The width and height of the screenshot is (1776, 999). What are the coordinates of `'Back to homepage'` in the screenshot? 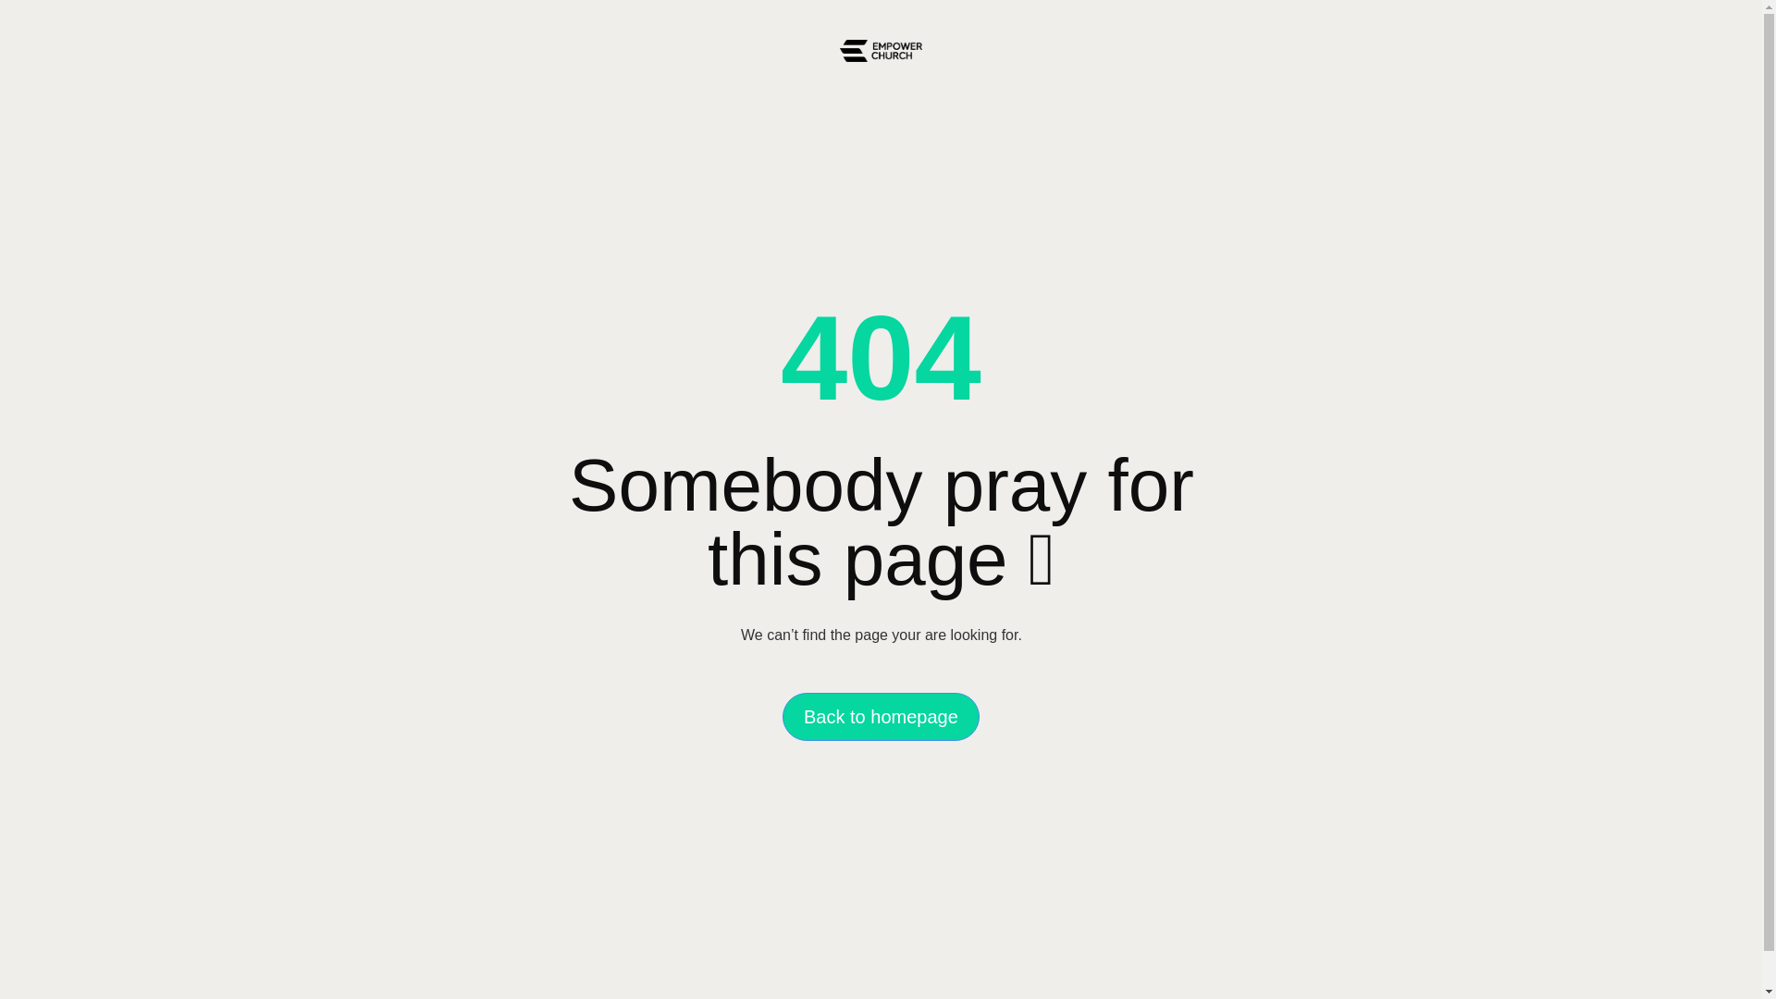 It's located at (880, 716).